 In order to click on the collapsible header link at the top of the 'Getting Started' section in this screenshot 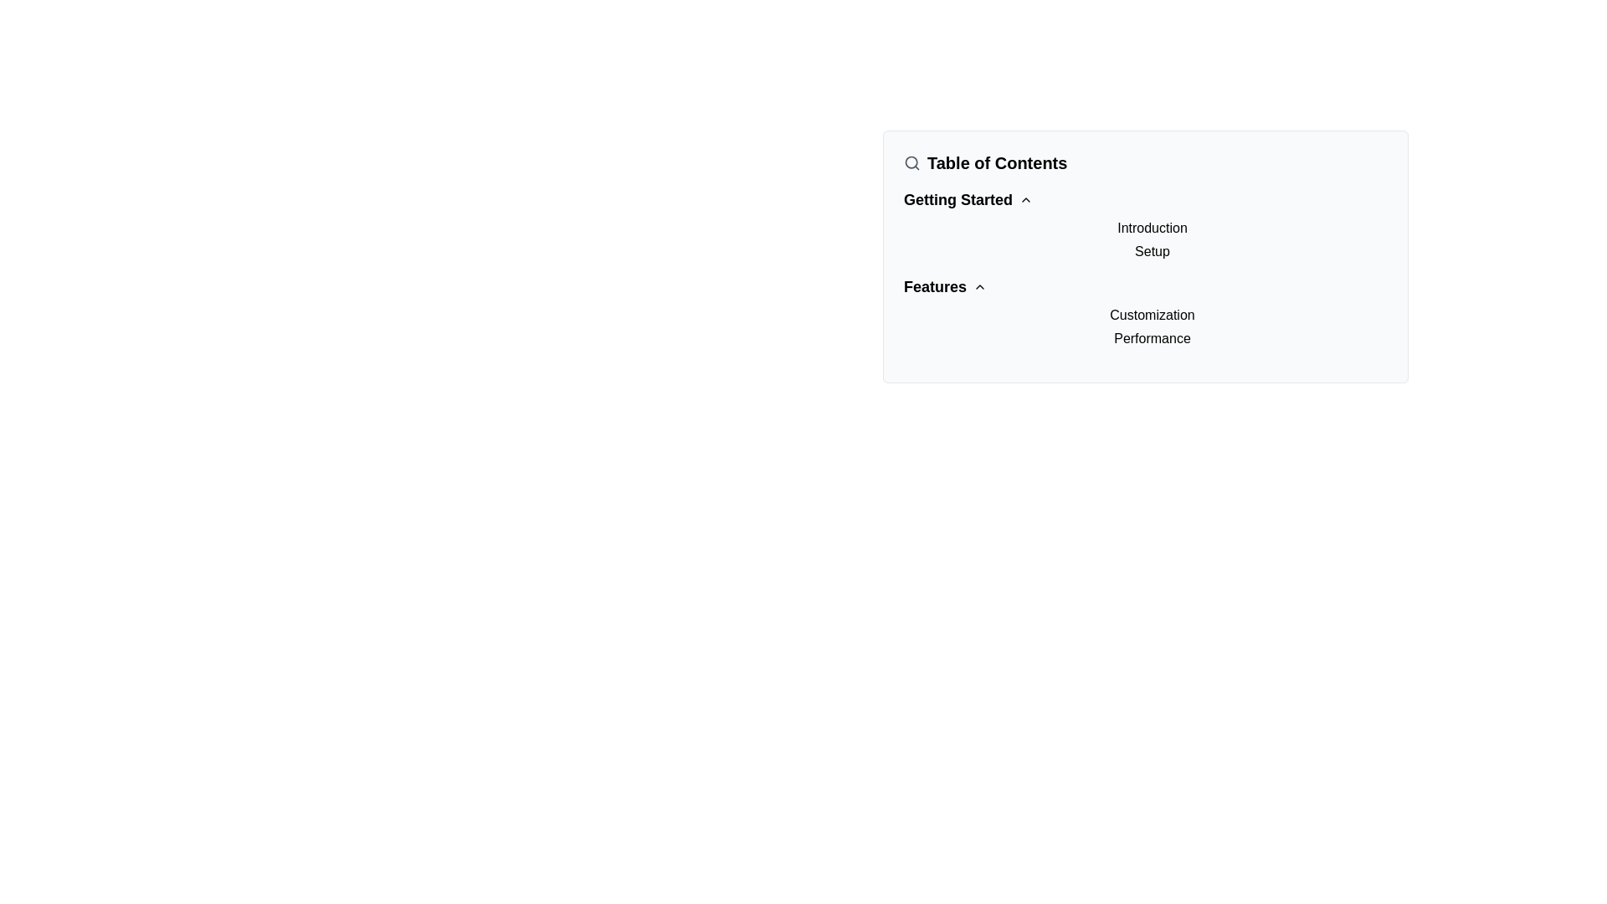, I will do `click(968, 199)`.